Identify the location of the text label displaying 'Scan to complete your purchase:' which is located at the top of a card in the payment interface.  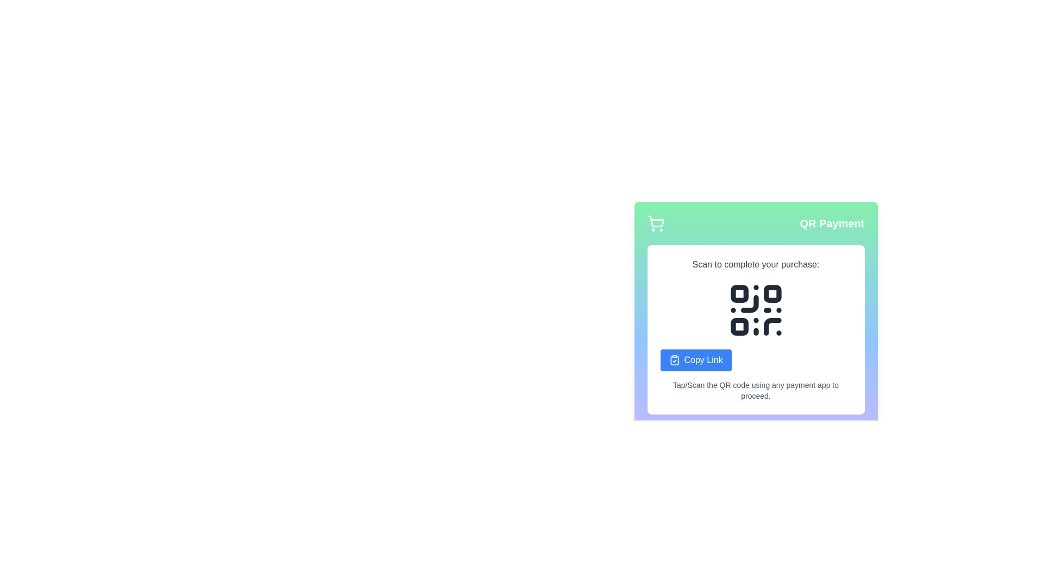
(755, 265).